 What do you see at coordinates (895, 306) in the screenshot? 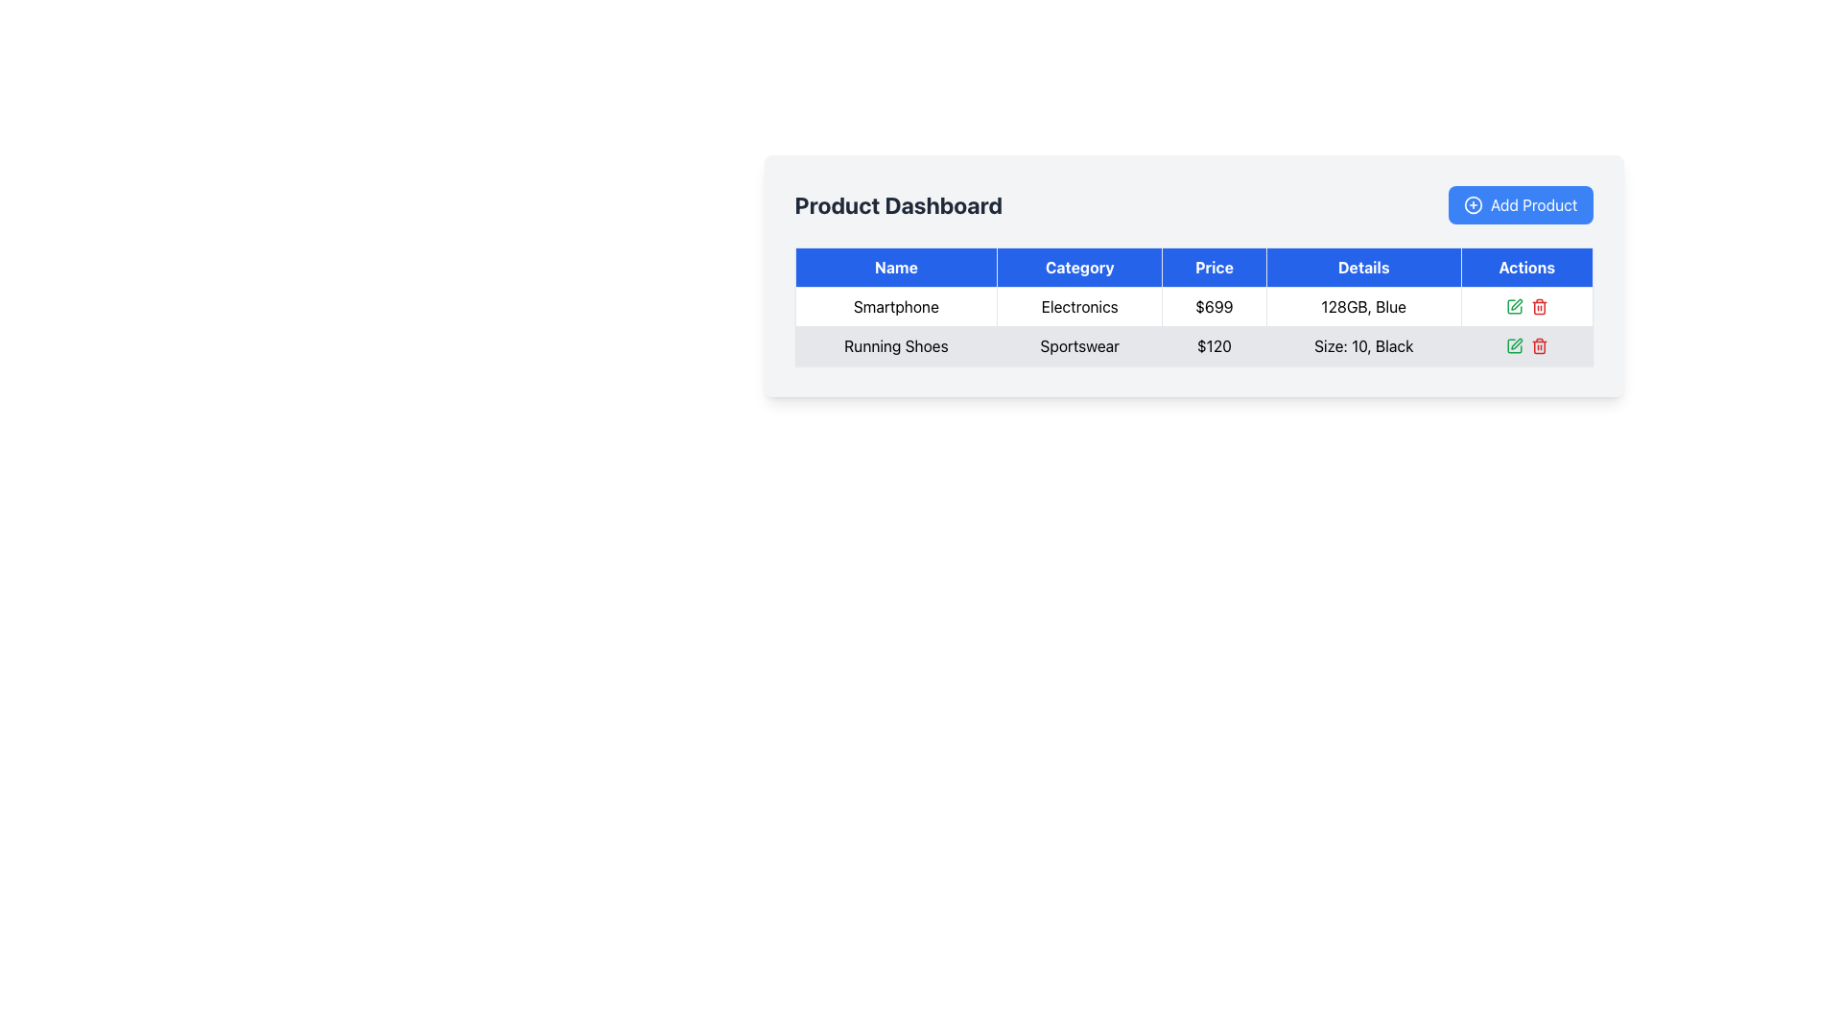
I see `information from the text label that identifies the name of a product in the product listing table located in the 'Product Dashboard' section` at bounding box center [895, 306].